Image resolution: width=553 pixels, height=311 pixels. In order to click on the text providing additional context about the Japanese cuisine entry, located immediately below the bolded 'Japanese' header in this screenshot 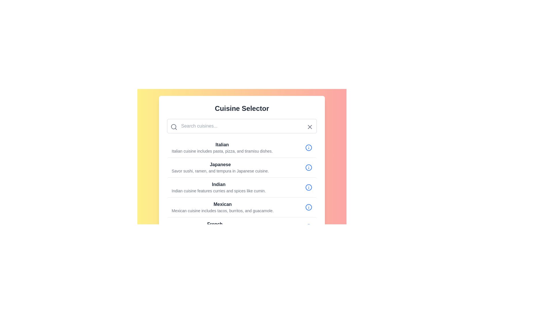, I will do `click(220, 171)`.